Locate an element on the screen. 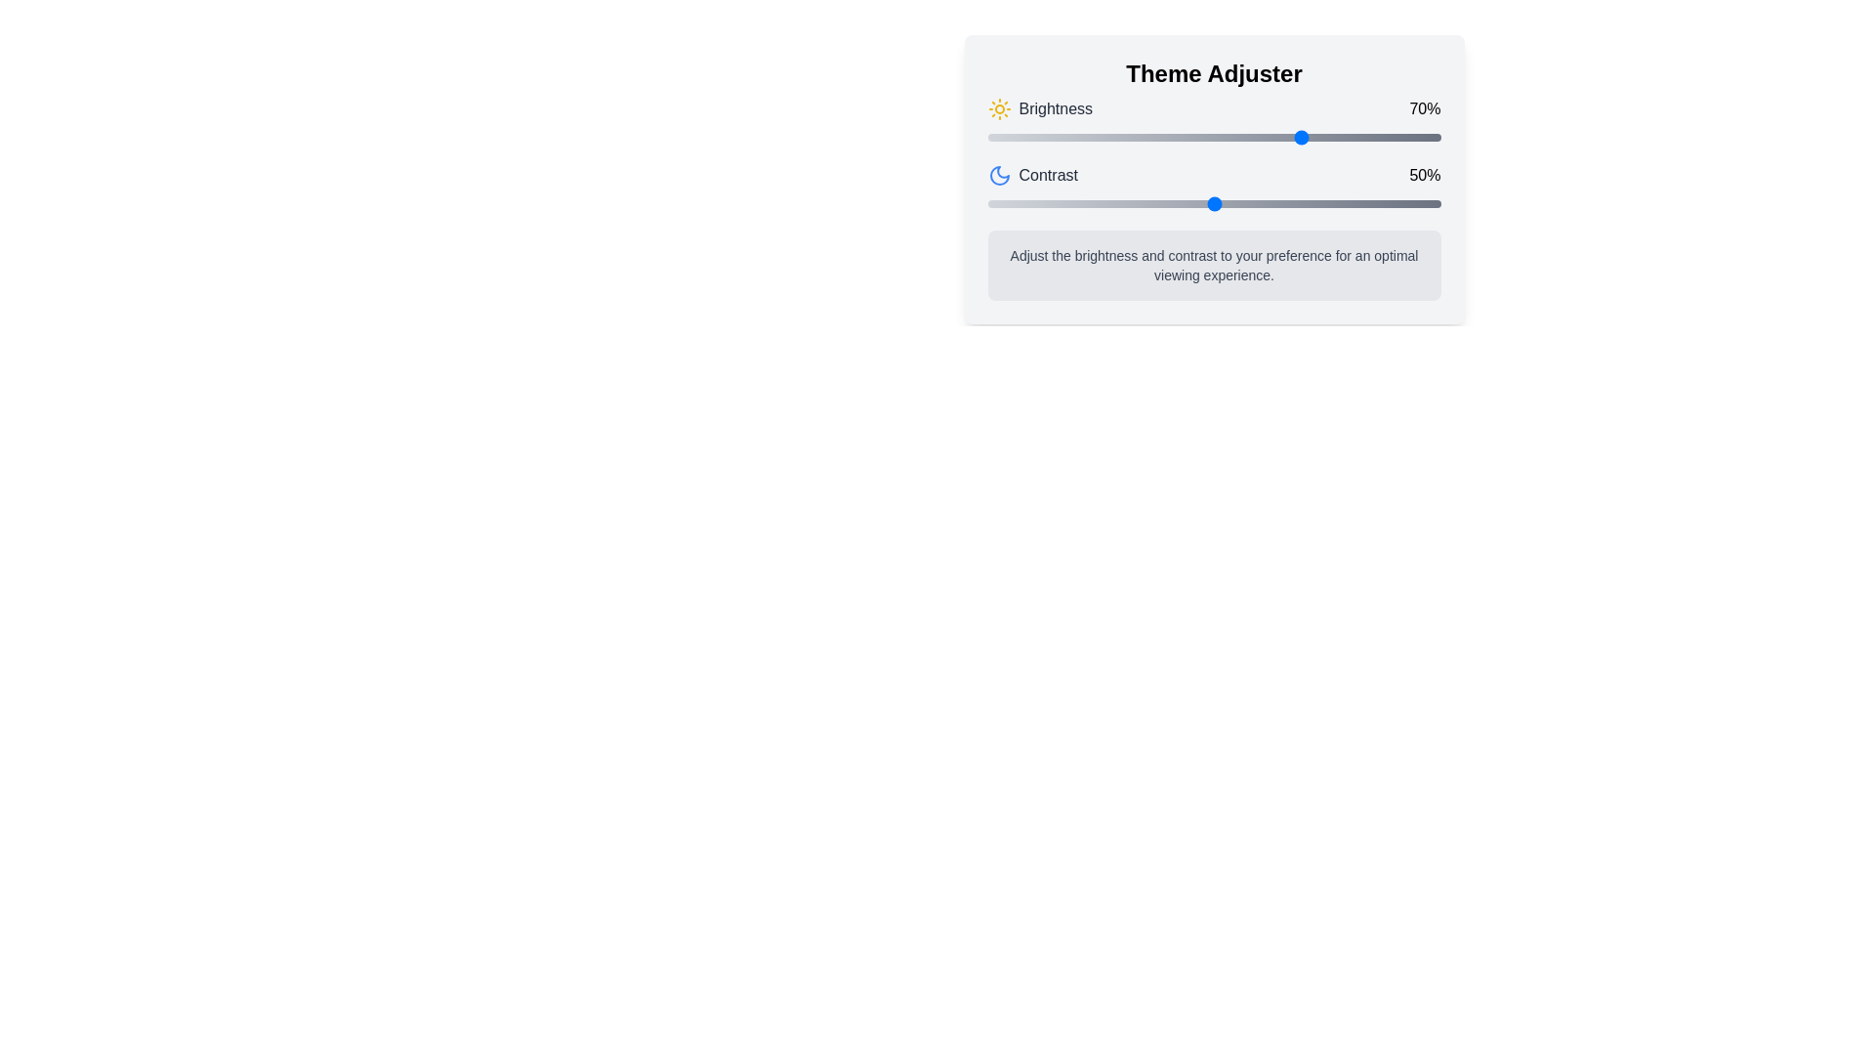 The height and width of the screenshot is (1055, 1875). contrast is located at coordinates (1418, 203).